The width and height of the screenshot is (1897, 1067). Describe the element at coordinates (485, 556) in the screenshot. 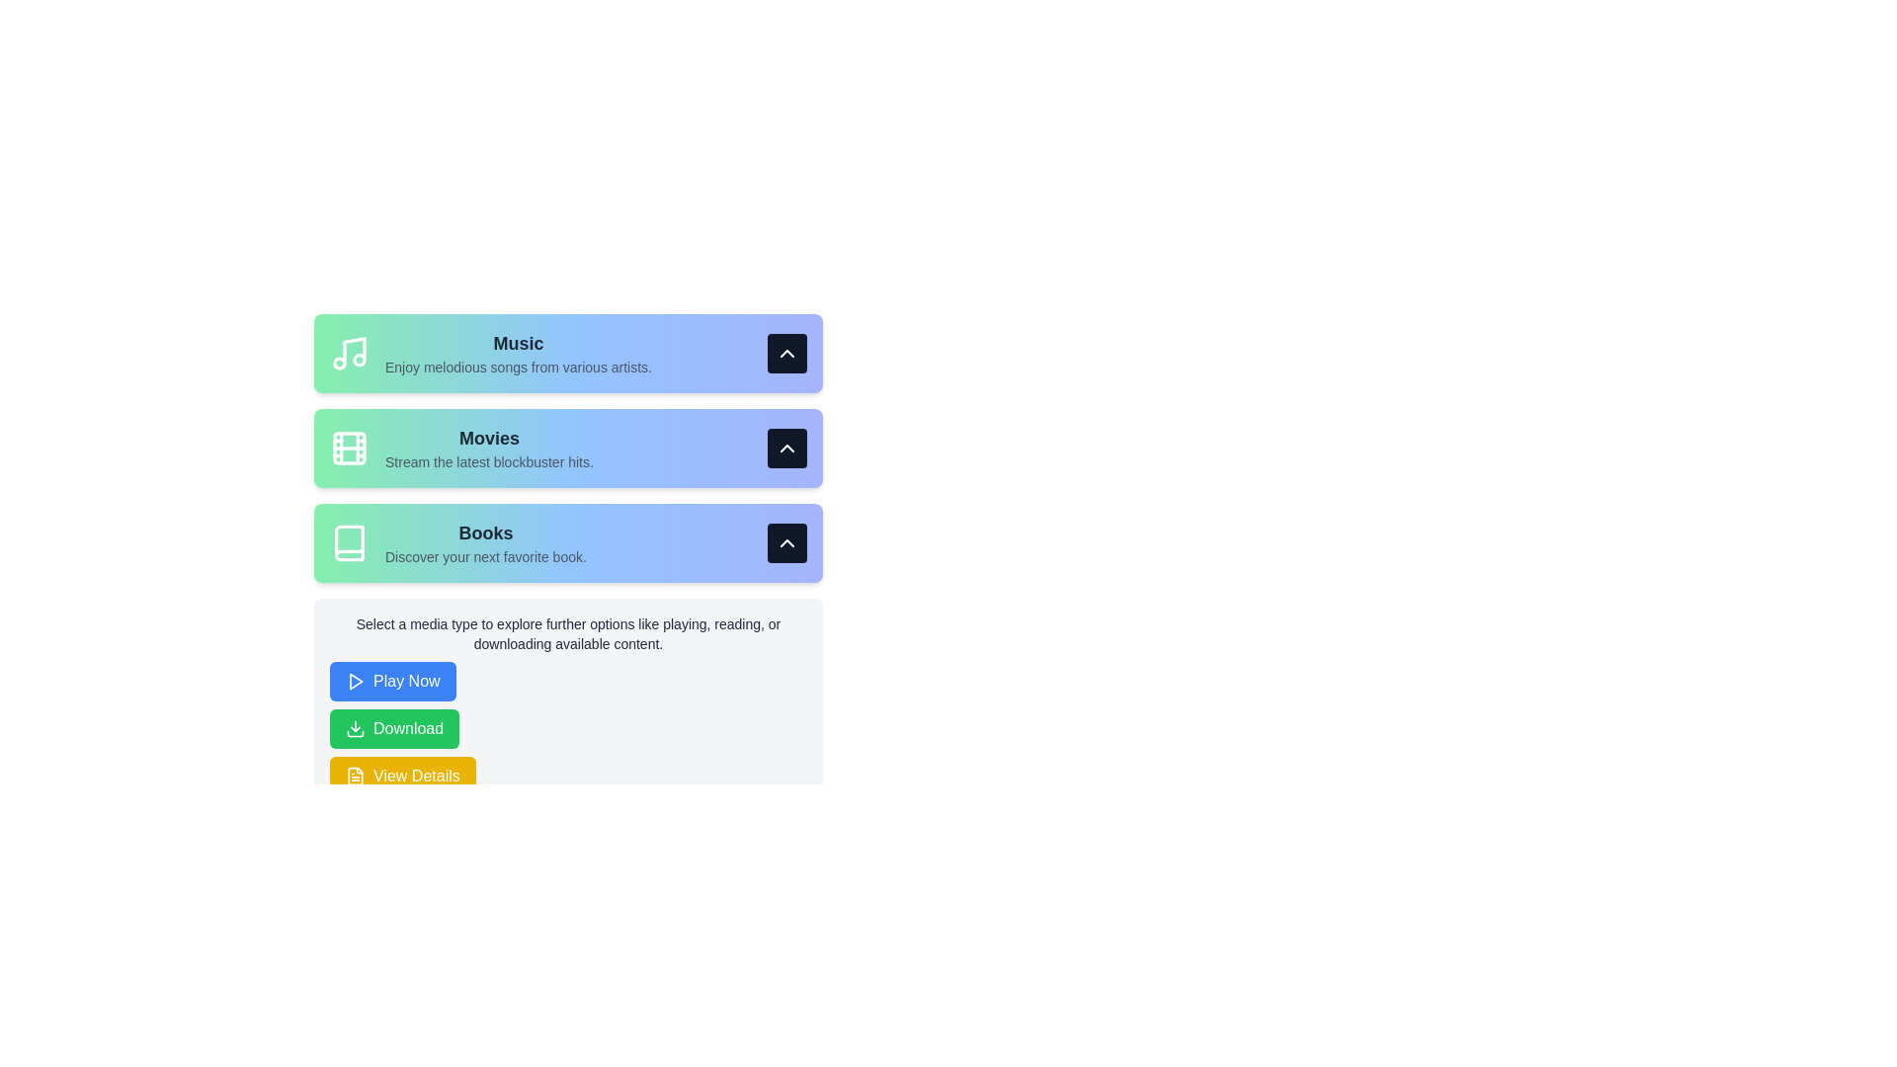

I see `static text content that says 'Discover your next favorite book.' which is positioned below the 'Books' heading in the media types section` at that location.